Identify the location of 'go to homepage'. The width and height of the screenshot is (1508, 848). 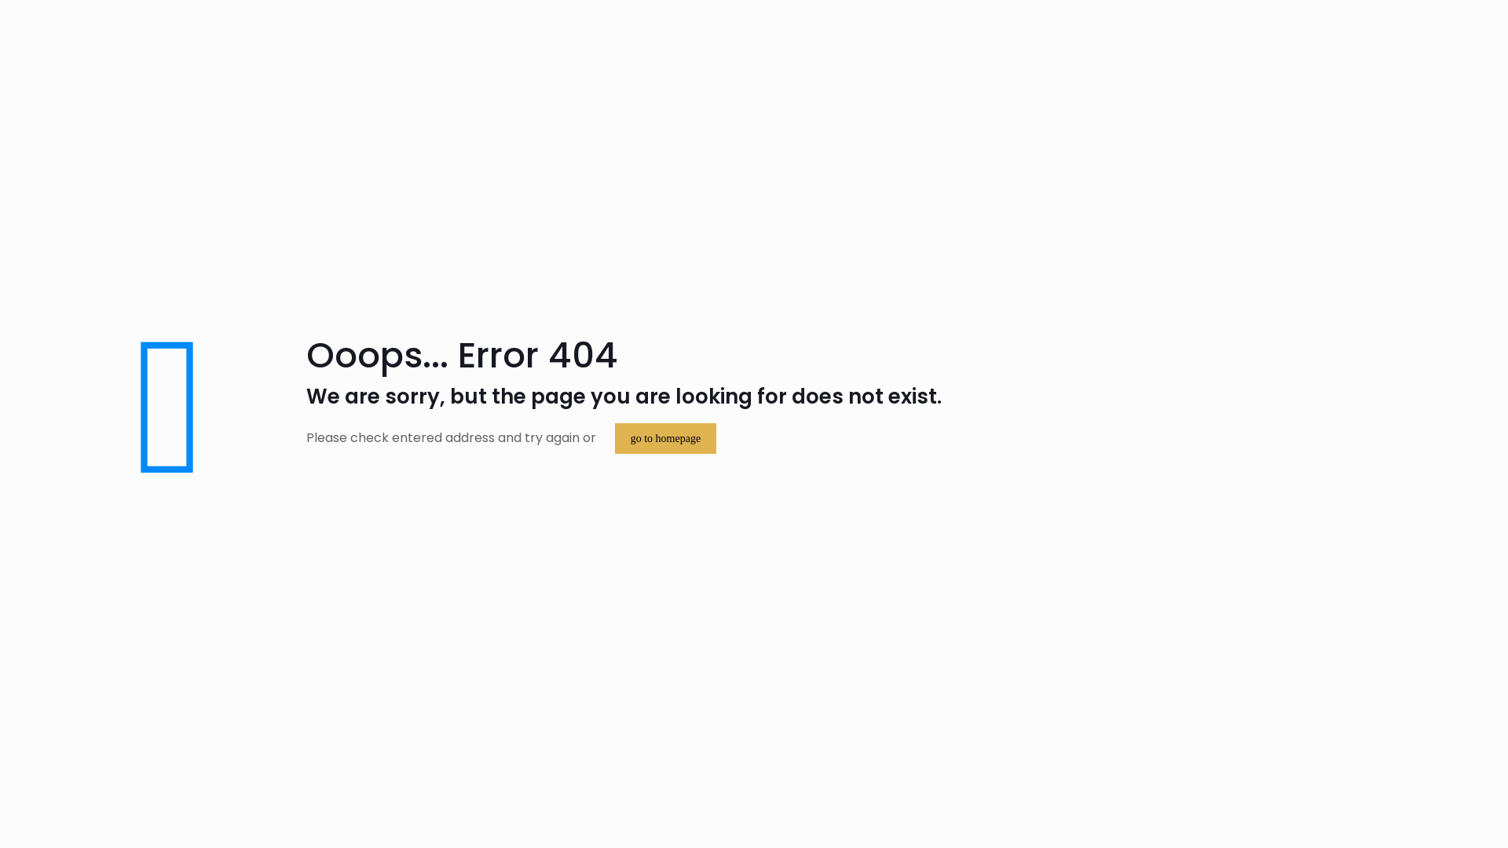
(665, 438).